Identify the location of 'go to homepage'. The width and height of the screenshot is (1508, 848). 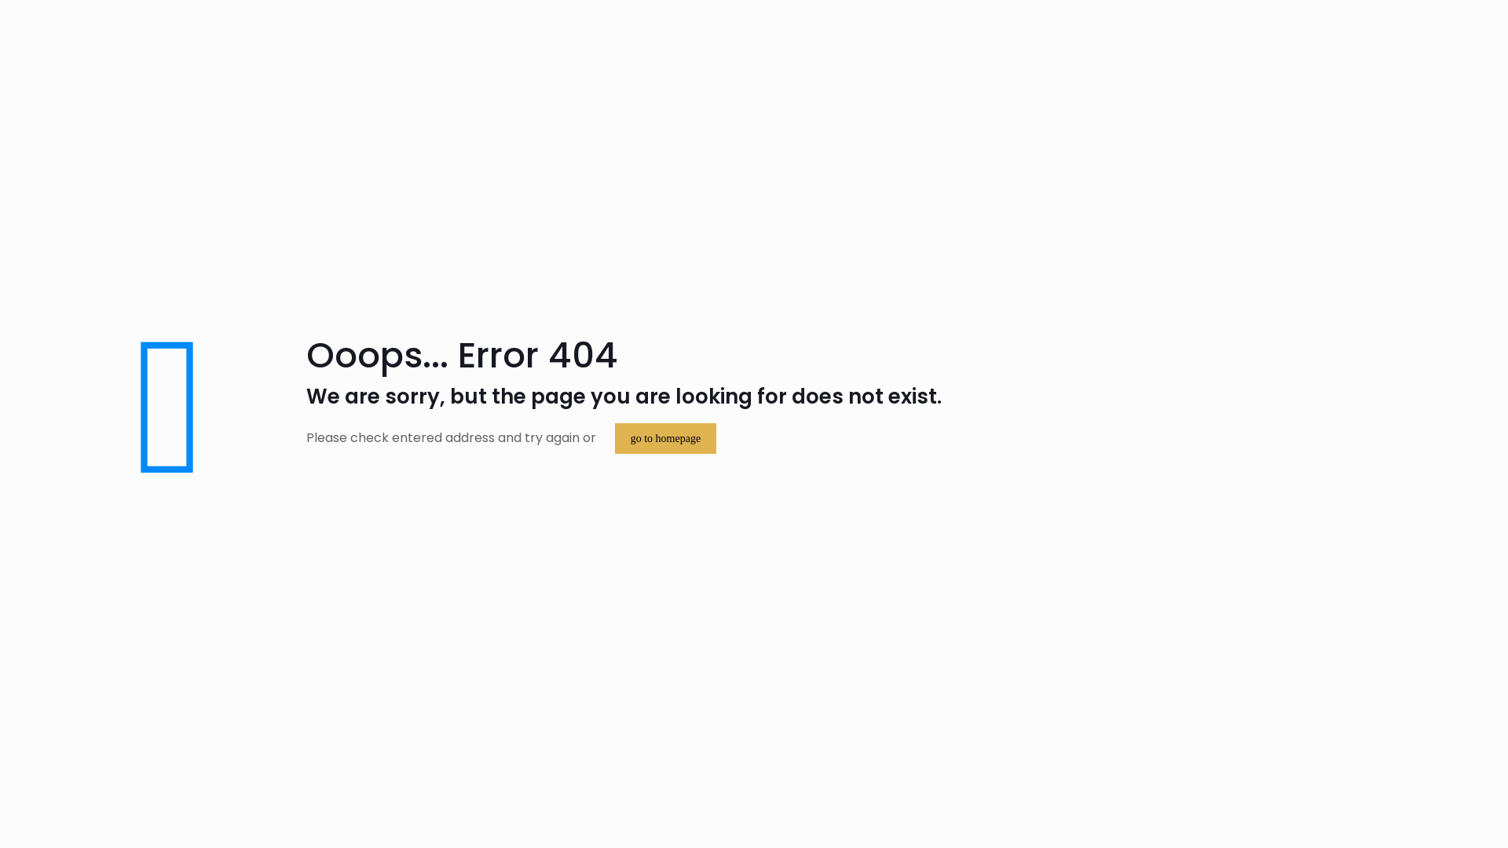
(665, 438).